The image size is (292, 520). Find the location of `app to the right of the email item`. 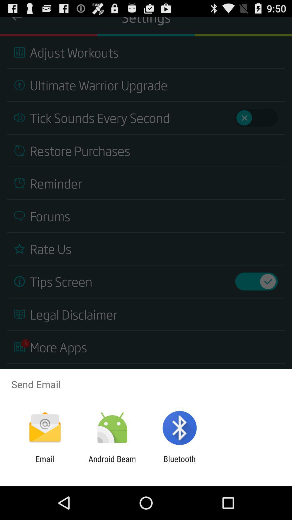

app to the right of the email item is located at coordinates (112, 463).